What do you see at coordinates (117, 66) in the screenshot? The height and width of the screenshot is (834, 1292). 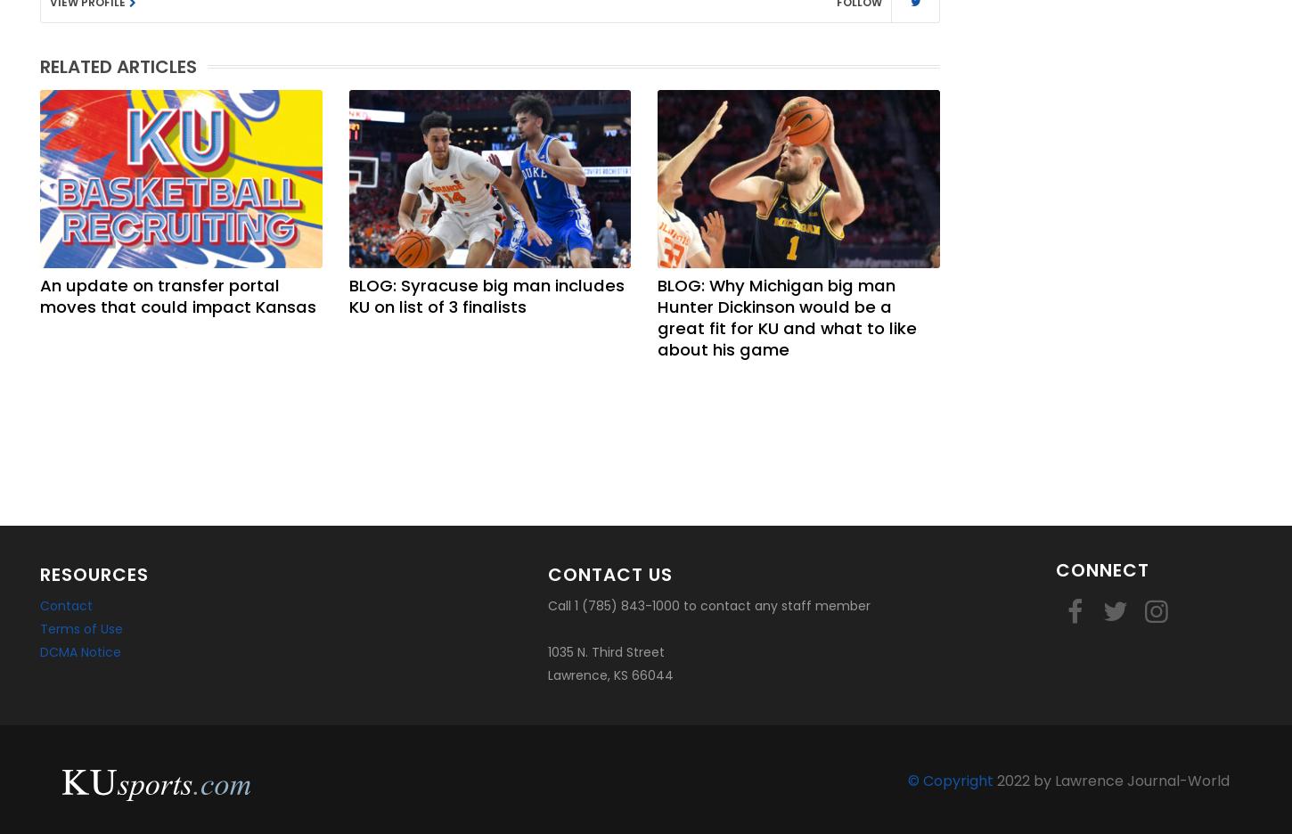 I see `'RELATED ARTICLES'` at bounding box center [117, 66].